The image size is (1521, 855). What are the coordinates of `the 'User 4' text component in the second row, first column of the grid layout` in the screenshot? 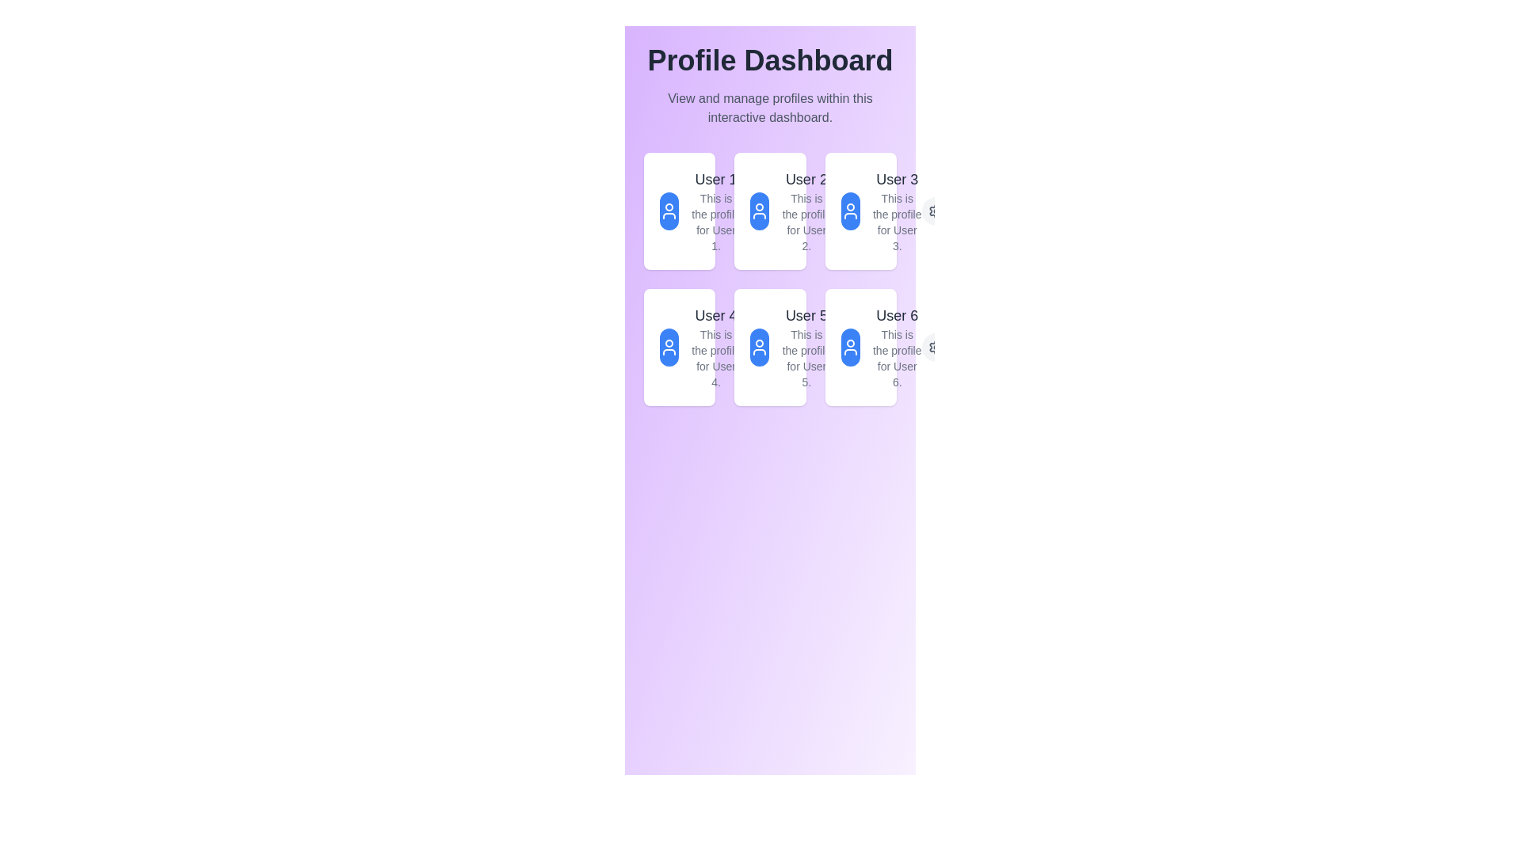 It's located at (715, 347).